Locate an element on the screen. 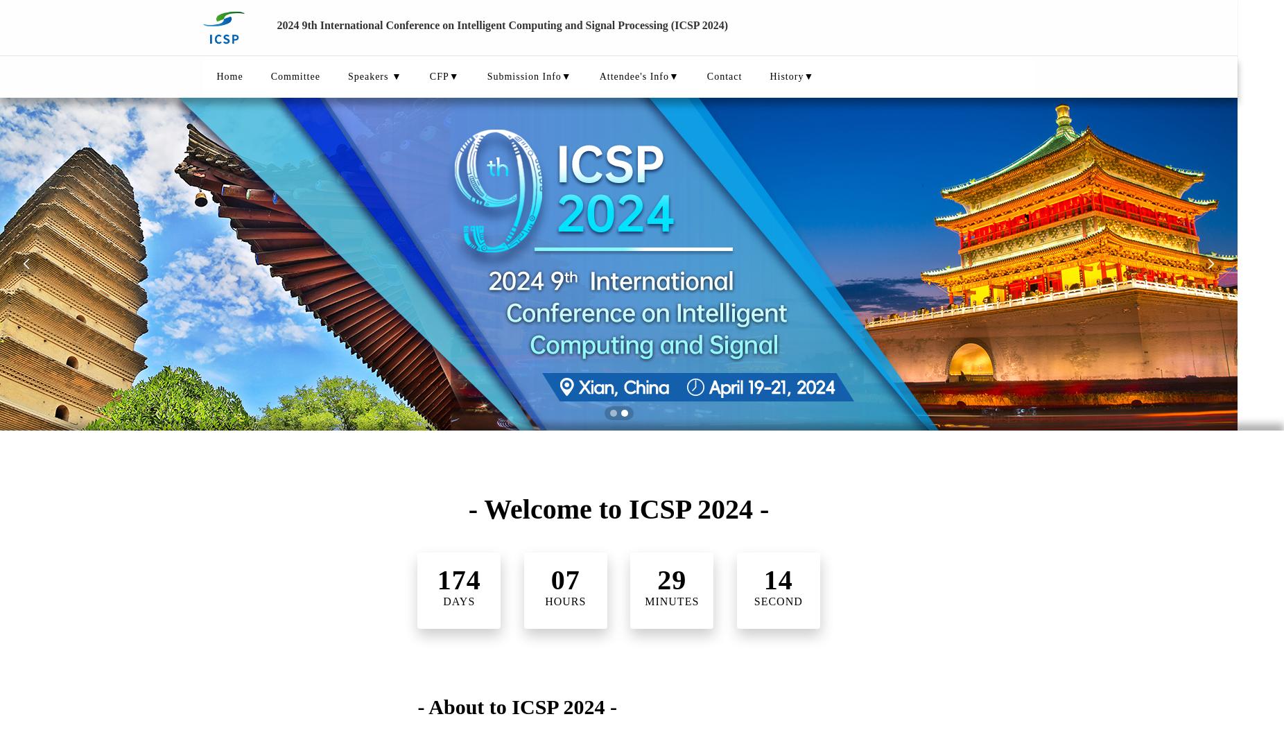  'Speakers  ▼' is located at coordinates (374, 76).